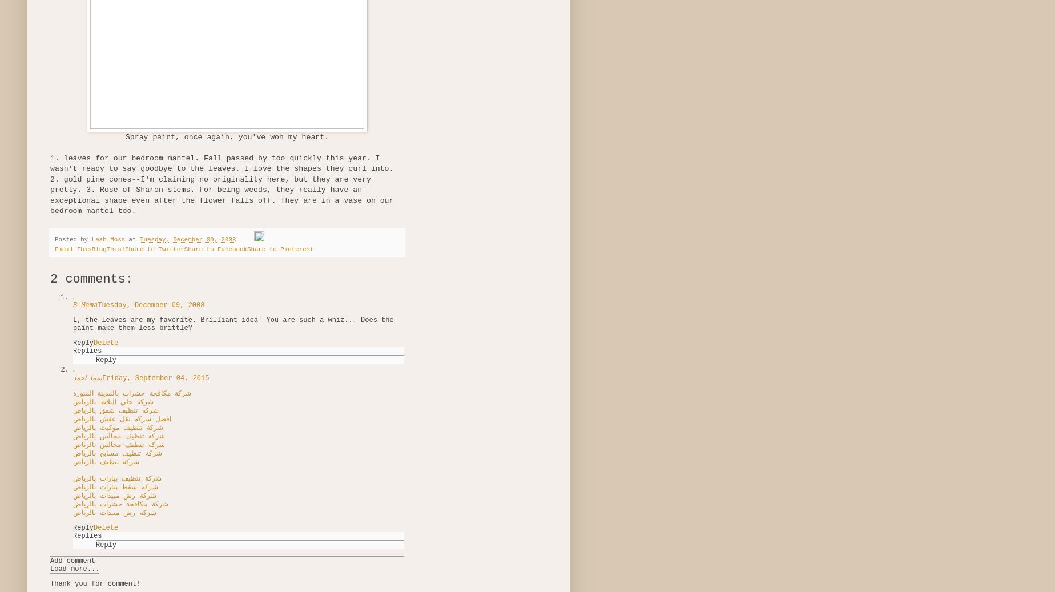 Image resolution: width=1055 pixels, height=592 pixels. I want to click on 'Share to Pinterest', so click(280, 248).